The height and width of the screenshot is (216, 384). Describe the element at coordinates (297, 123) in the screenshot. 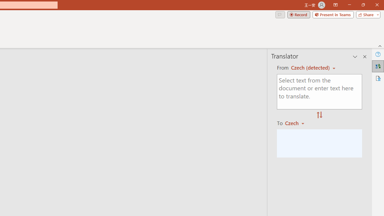

I see `'Czech'` at that location.